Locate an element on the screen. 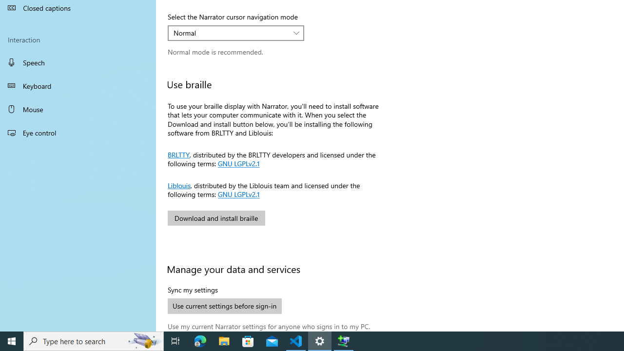 The height and width of the screenshot is (351, 624). 'Eye control' is located at coordinates (78, 132).